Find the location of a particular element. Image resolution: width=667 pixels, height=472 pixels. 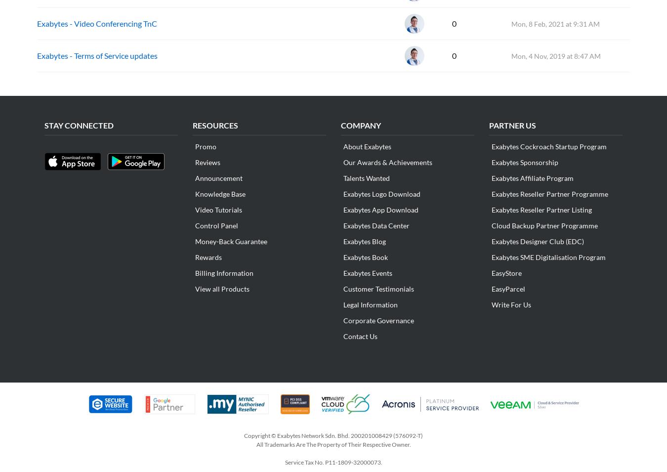

'Mon, 4 Nov, 2019 at  8:47 AM' is located at coordinates (556, 55).